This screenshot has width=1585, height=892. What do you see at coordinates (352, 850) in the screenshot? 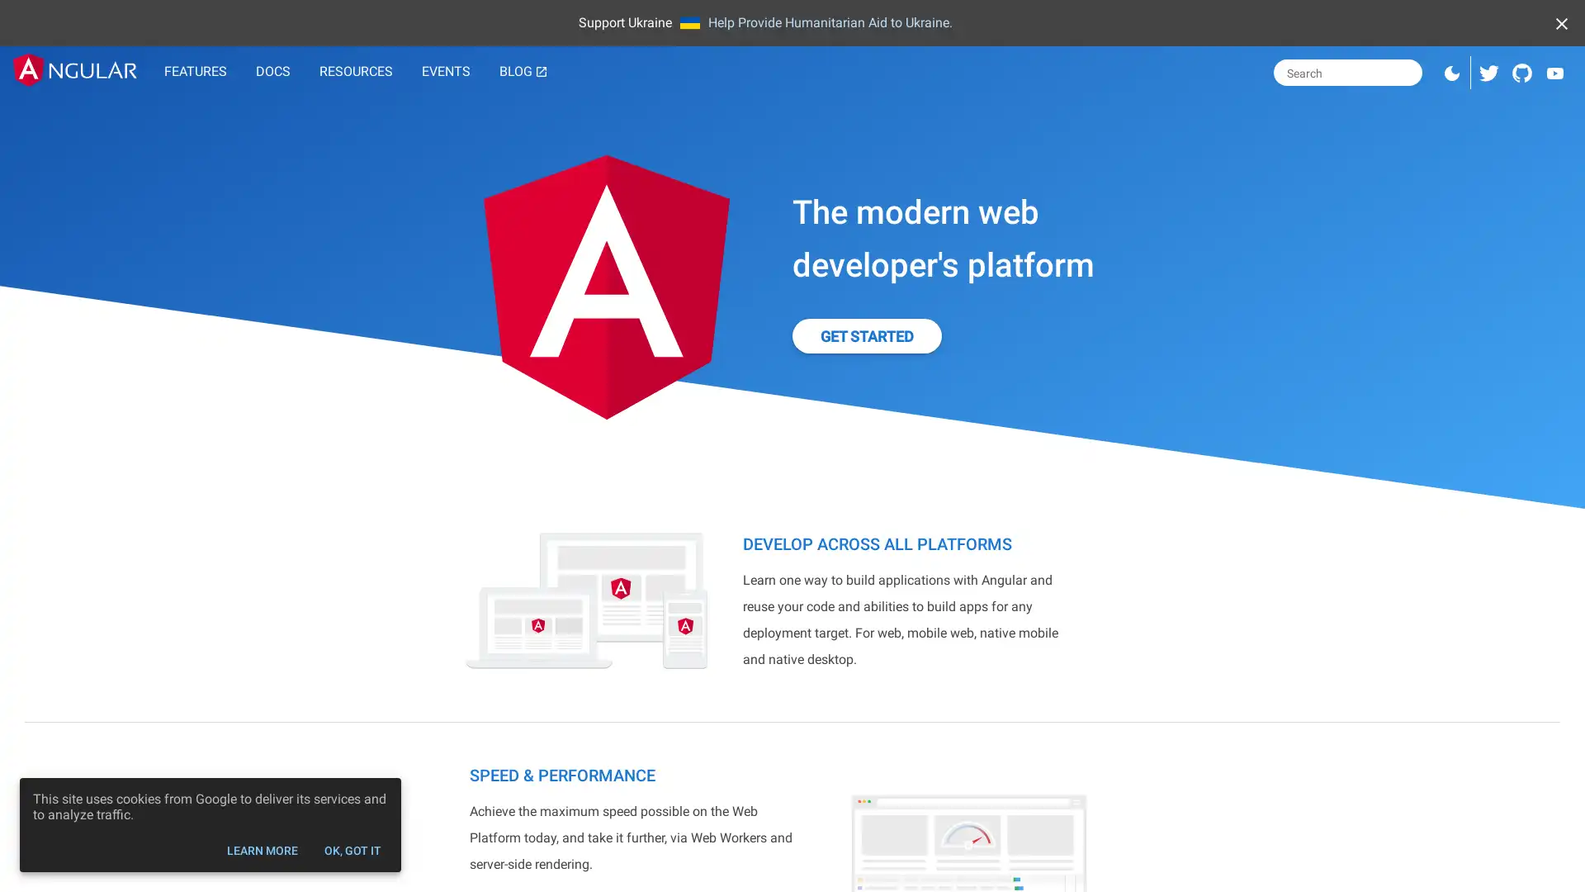
I see `OK, GOT IT` at bounding box center [352, 850].